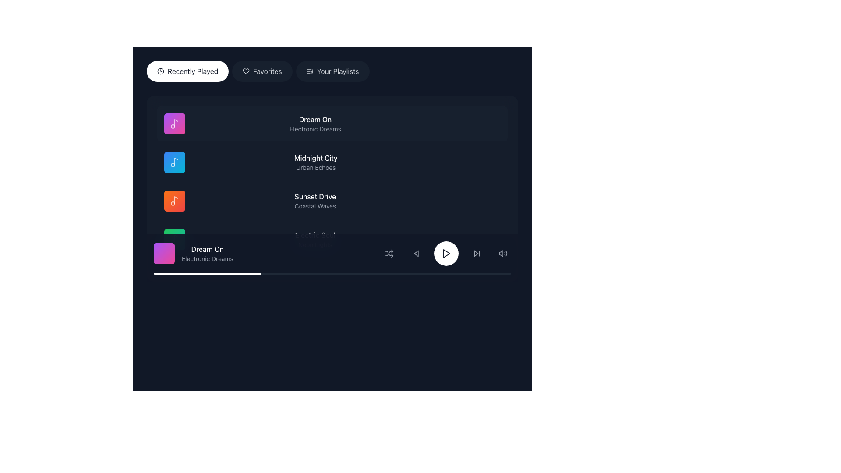 This screenshot has width=841, height=473. What do you see at coordinates (315, 124) in the screenshot?
I see `the text display element that shows the song details, featuring the bolded white text 'Dream On' and the light gray text 'Electronic Dreams'` at bounding box center [315, 124].